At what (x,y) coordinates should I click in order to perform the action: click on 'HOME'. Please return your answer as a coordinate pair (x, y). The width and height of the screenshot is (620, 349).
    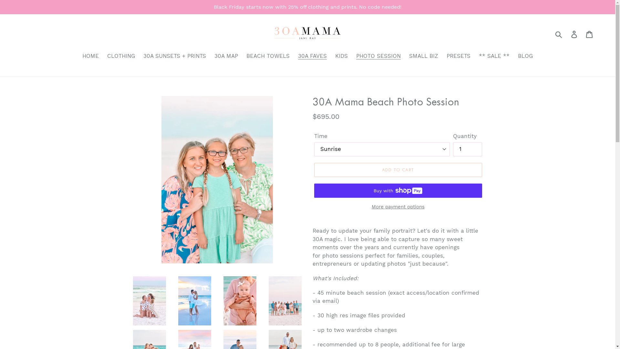
    Looking at the image, I should click on (90, 56).